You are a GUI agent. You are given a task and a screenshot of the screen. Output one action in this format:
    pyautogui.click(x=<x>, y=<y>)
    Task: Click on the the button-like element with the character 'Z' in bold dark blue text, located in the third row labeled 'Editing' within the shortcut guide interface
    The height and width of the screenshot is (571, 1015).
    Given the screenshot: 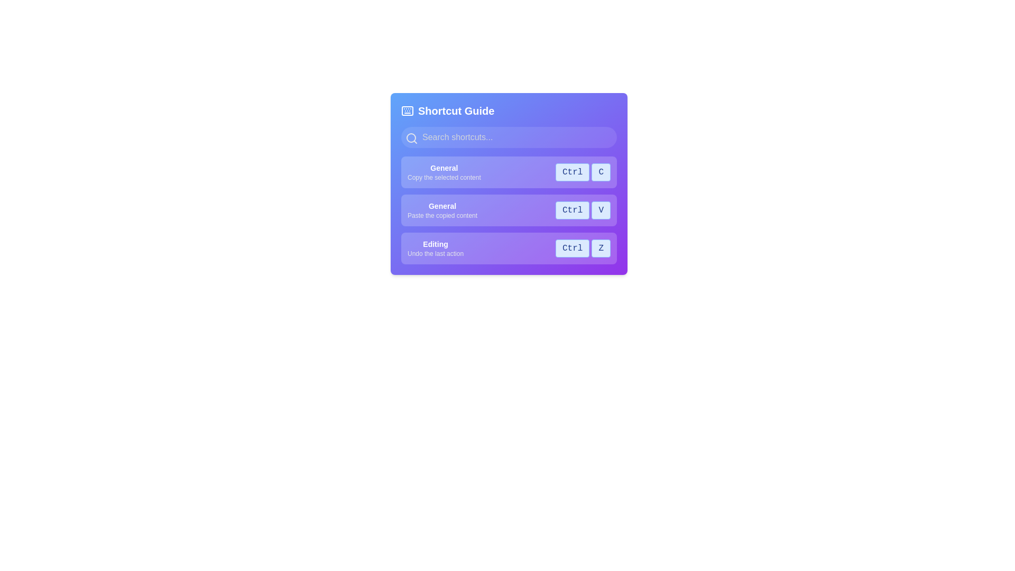 What is the action you would take?
    pyautogui.click(x=601, y=248)
    